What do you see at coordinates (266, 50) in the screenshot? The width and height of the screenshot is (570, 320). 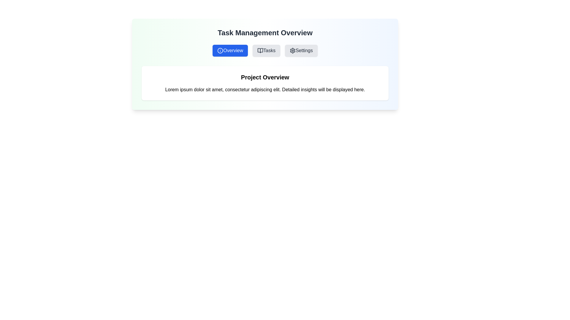 I see `the navigation button located centrally in the upper section of the interface, positioned between the 'Overview' button on the left and the 'Settings' button on the right` at bounding box center [266, 50].